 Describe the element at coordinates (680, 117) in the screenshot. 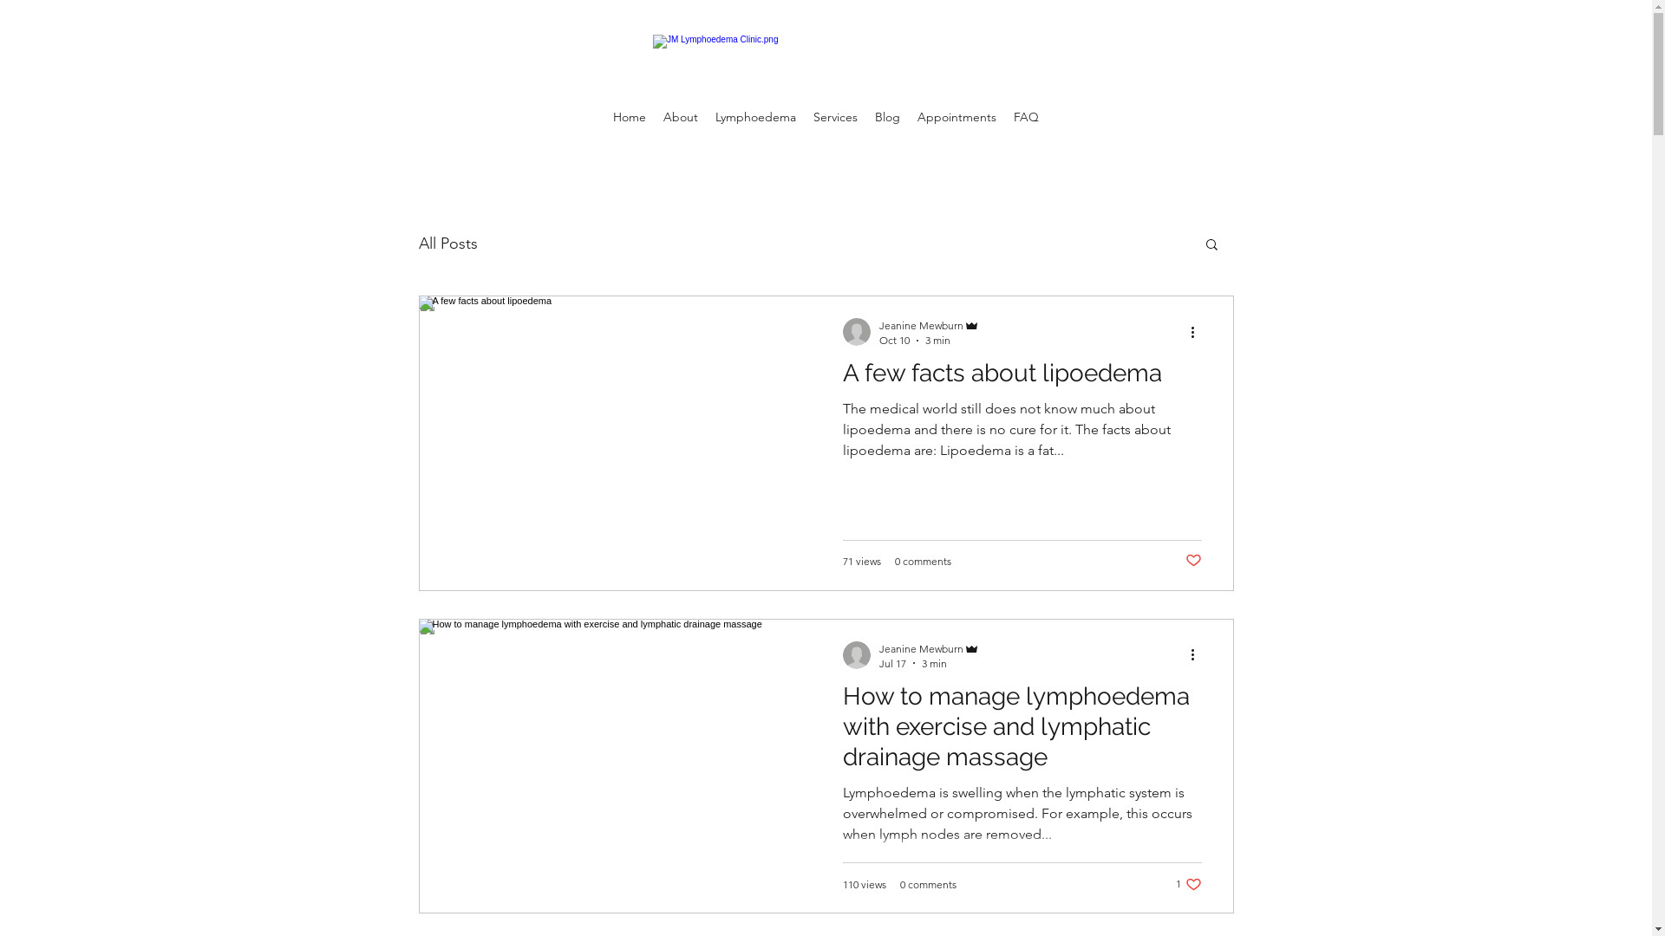

I see `'About'` at that location.